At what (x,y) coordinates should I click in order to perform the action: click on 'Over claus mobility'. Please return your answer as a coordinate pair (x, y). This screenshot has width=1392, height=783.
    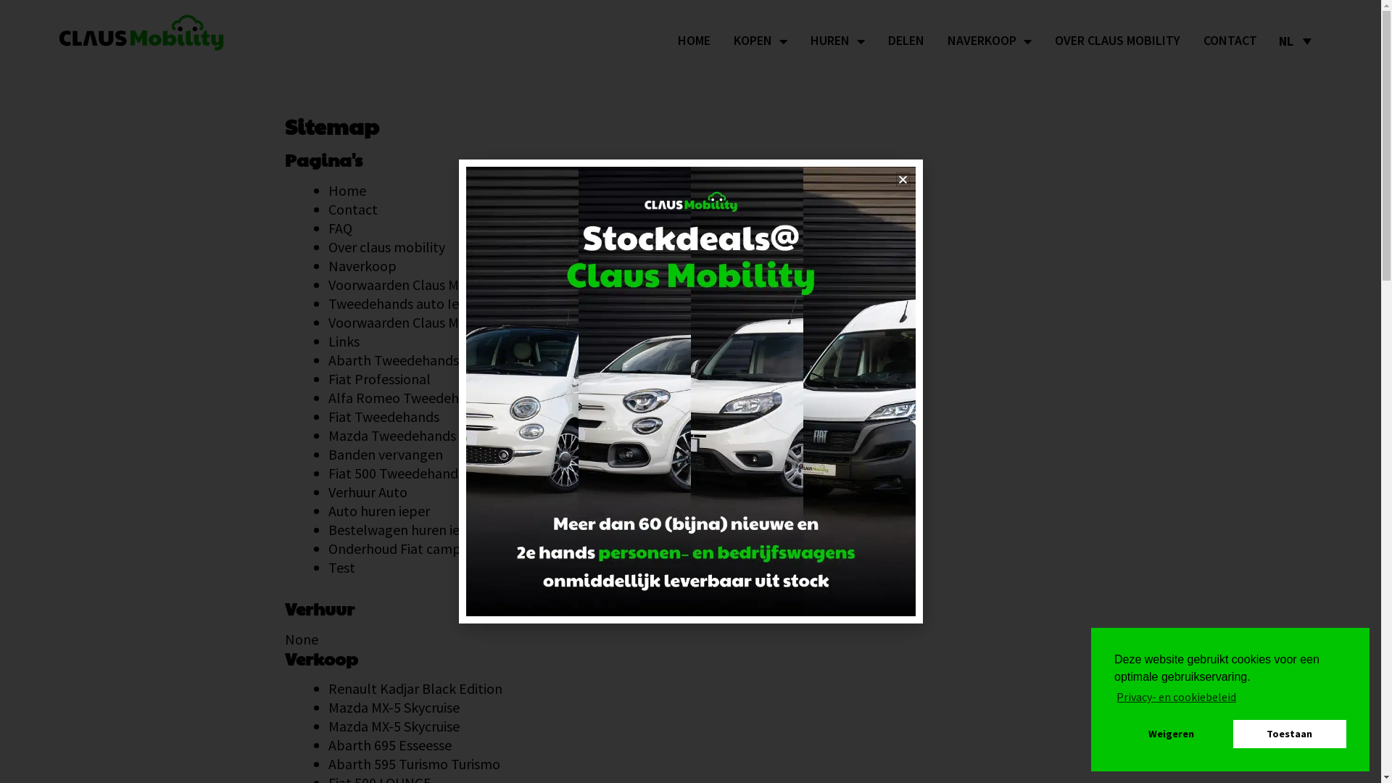
    Looking at the image, I should click on (326, 246).